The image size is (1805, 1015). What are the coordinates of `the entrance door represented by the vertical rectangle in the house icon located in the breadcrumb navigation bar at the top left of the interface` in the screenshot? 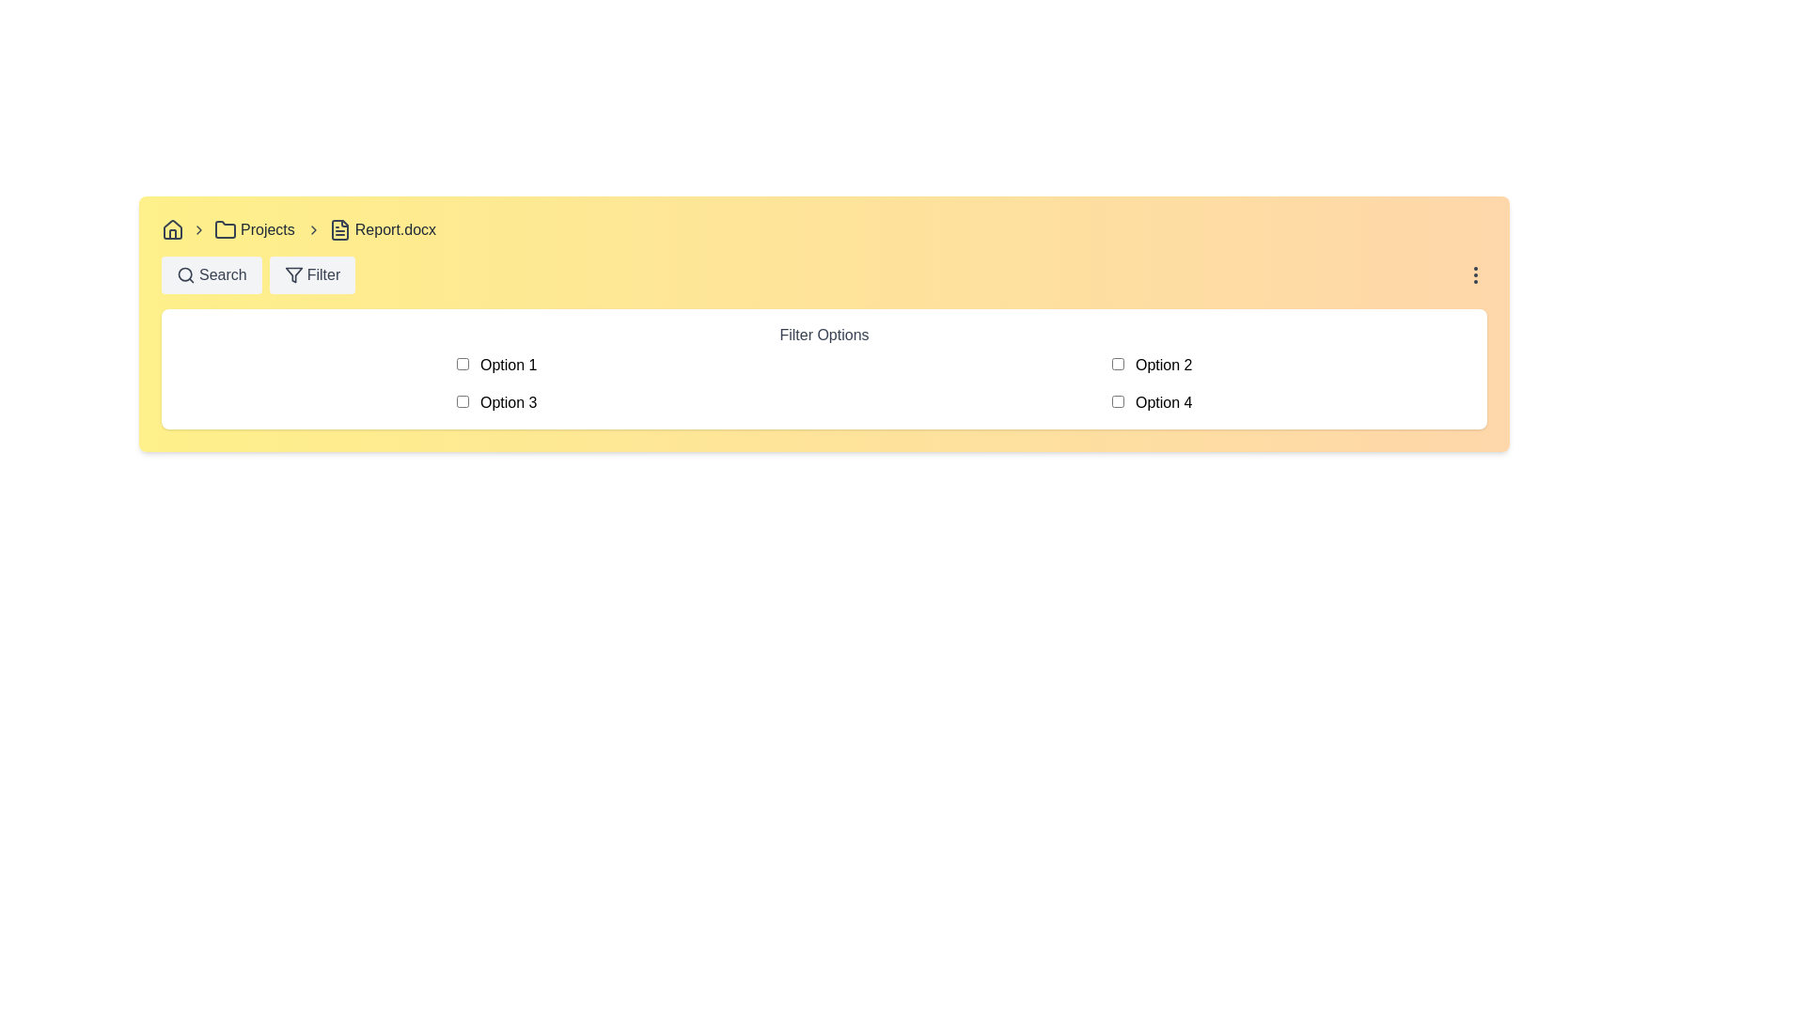 It's located at (172, 233).